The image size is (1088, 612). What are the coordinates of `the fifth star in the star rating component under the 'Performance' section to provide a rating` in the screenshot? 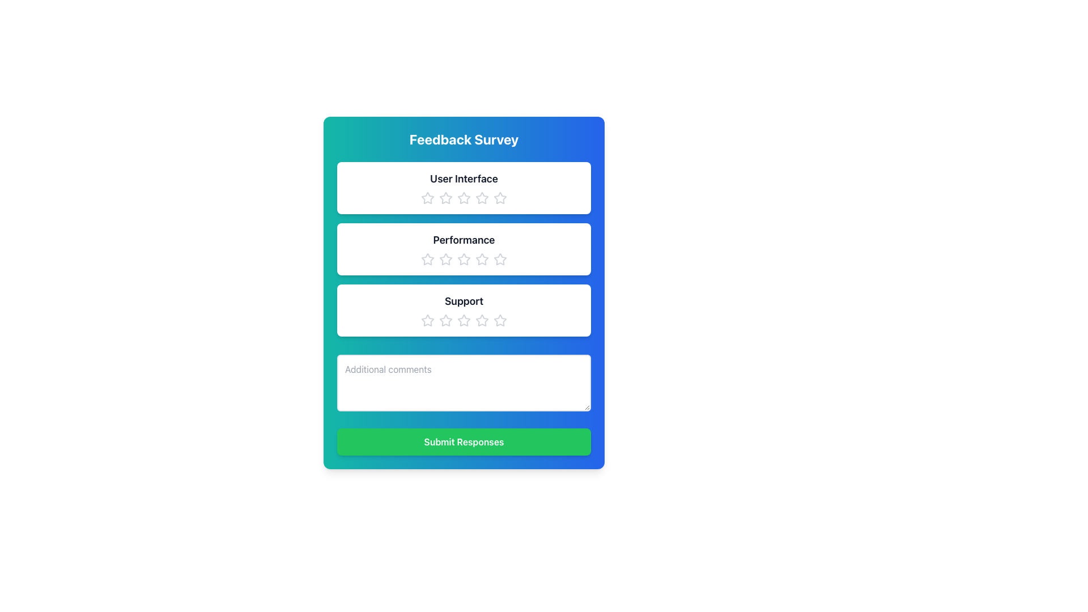 It's located at (500, 260).